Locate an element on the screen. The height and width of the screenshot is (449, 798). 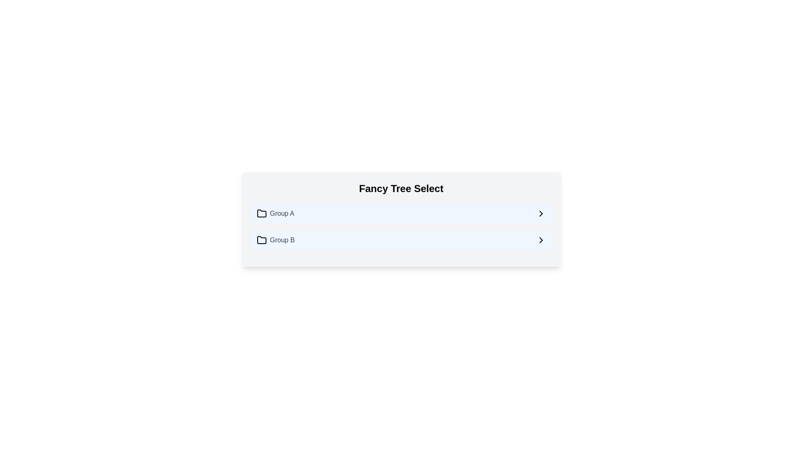
the right-pointing chevron arrow icon adjacent to the 'Group B' text is located at coordinates (541, 240).